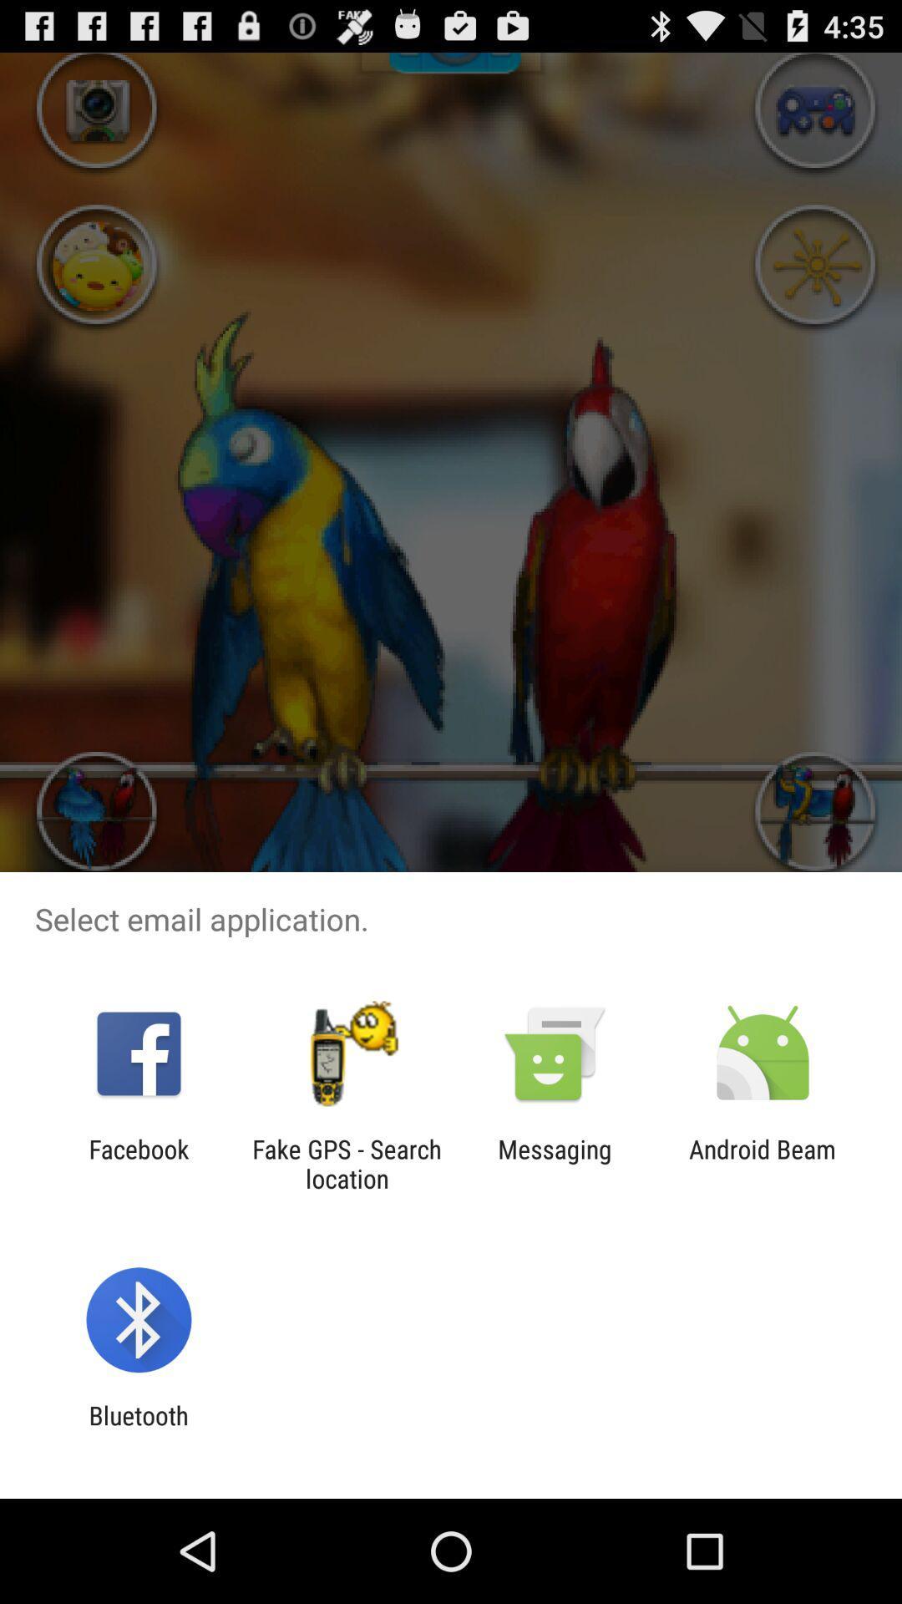  Describe the element at coordinates (555, 1163) in the screenshot. I see `the icon next to fake gps search` at that location.